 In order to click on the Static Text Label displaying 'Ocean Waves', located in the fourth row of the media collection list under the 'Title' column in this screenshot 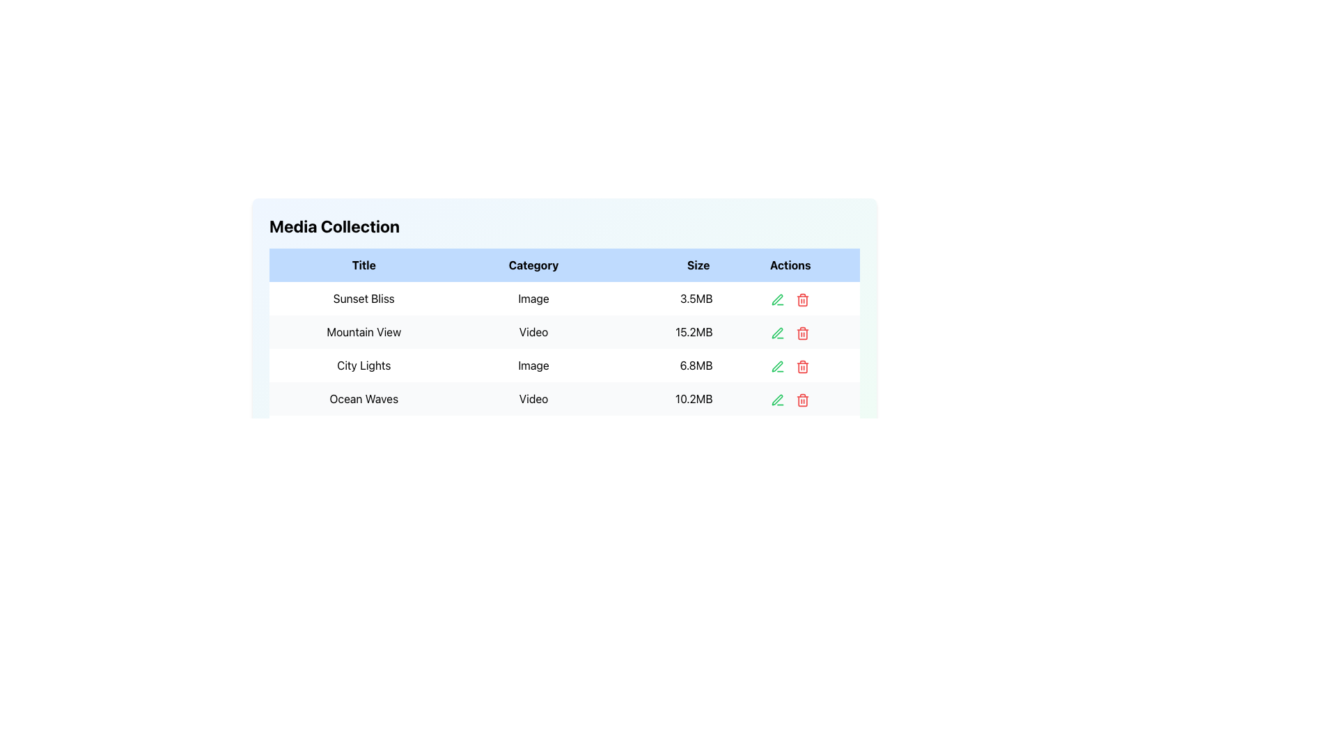, I will do `click(363, 399)`.